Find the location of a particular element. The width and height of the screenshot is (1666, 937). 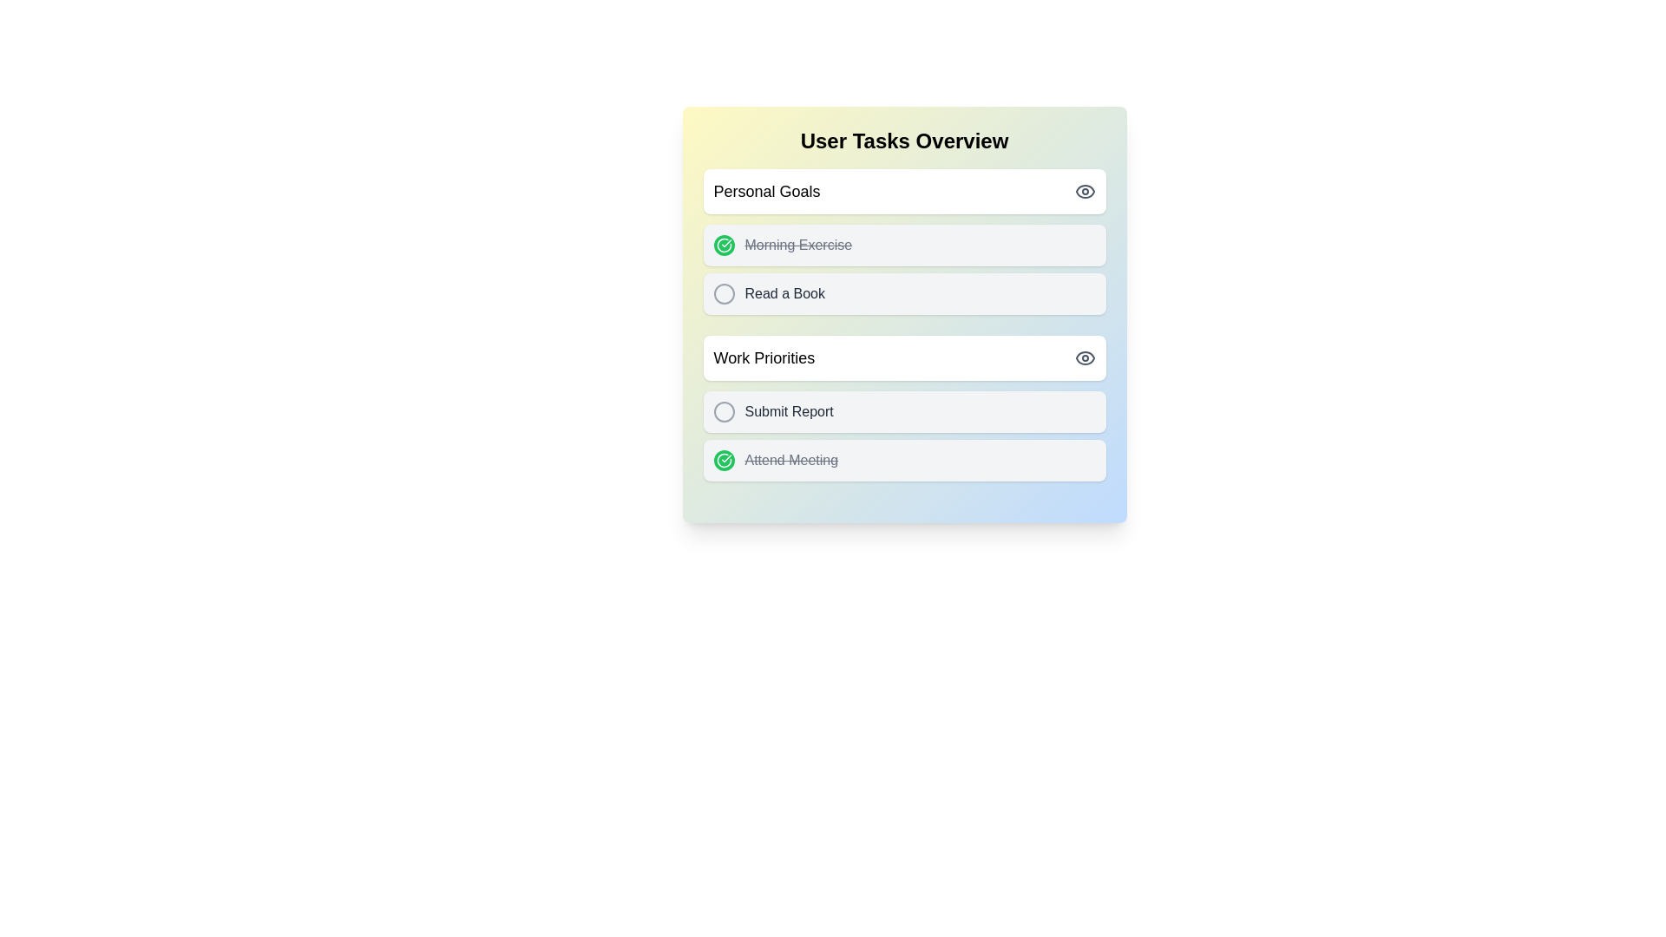

the task entry in the List of tasks with status icons is located at coordinates (903, 270).